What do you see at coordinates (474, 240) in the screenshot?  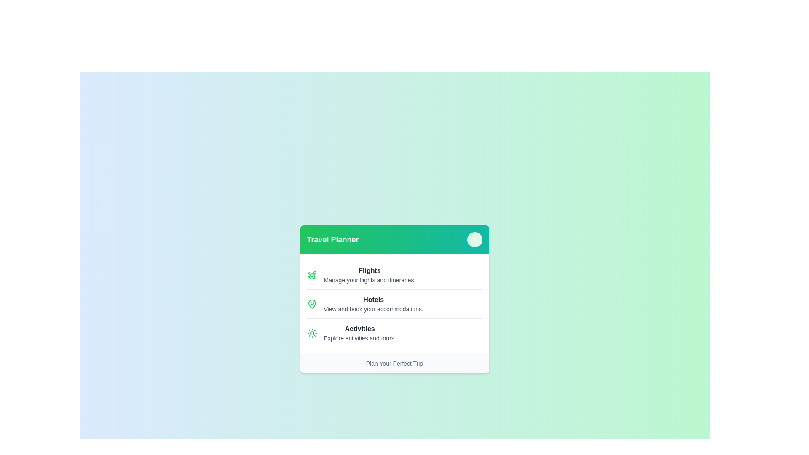 I see `button at the top-right corner of the menu header to toggle the visibility of the menu` at bounding box center [474, 240].